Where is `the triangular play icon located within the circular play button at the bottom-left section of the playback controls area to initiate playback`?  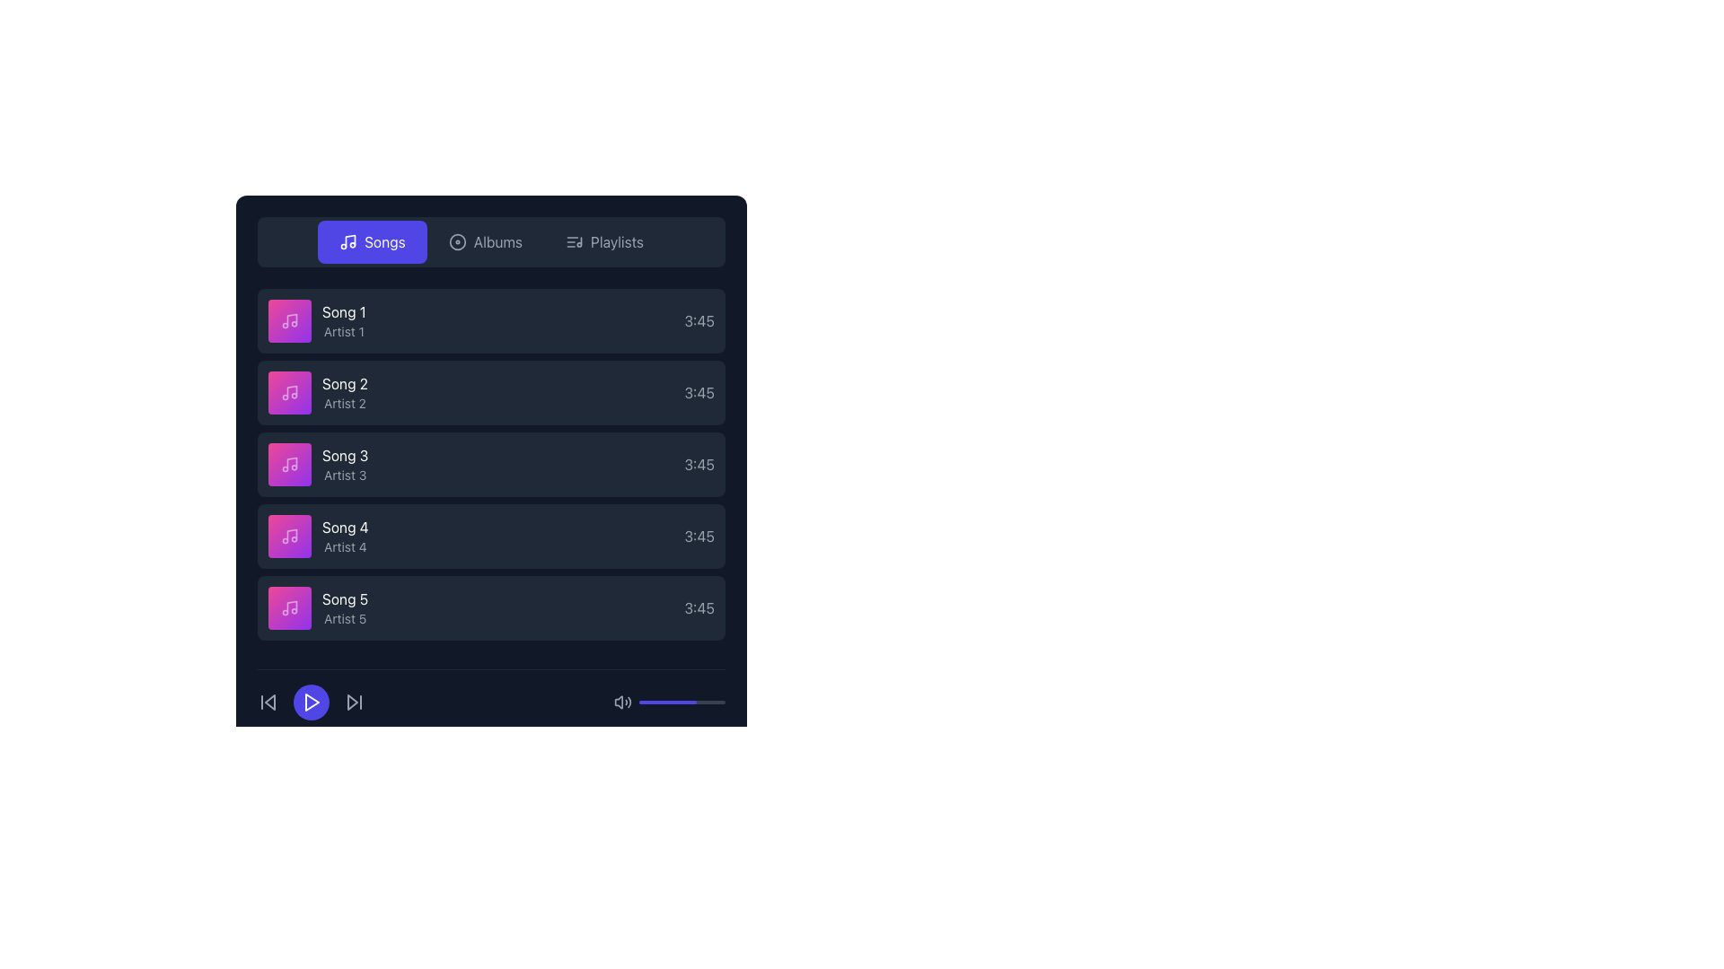
the triangular play icon located within the circular play button at the bottom-left section of the playback controls area to initiate playback is located at coordinates (312, 702).